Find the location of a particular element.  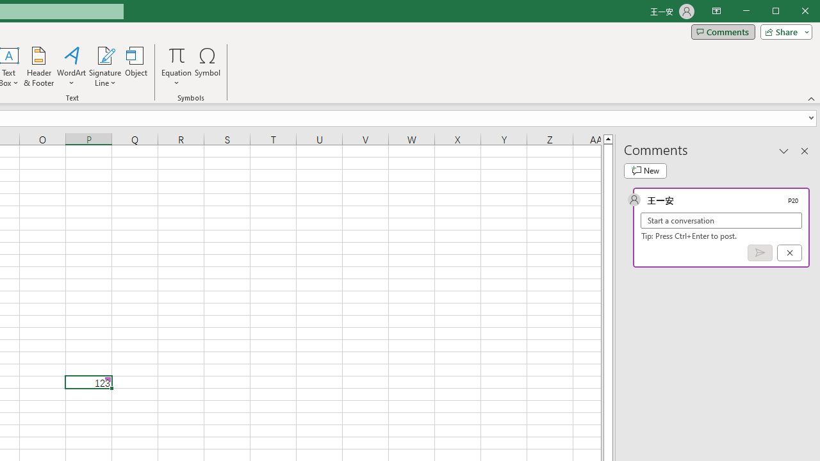

'WordArt' is located at coordinates (71, 67).